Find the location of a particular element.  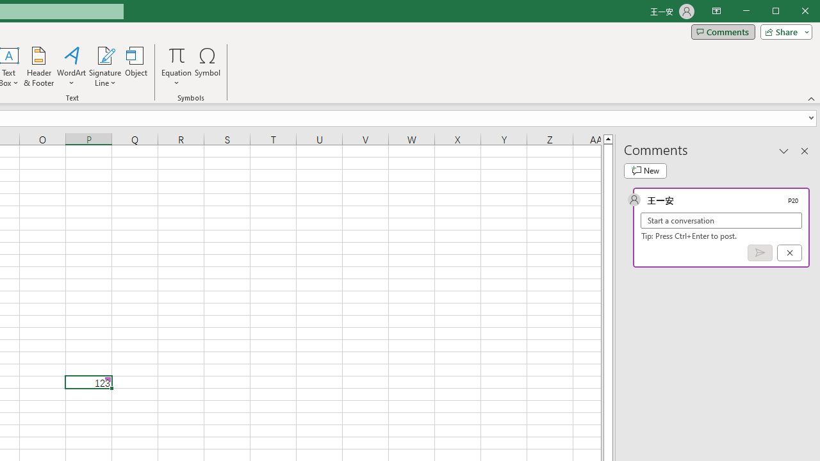

'WordArt' is located at coordinates (71, 67).